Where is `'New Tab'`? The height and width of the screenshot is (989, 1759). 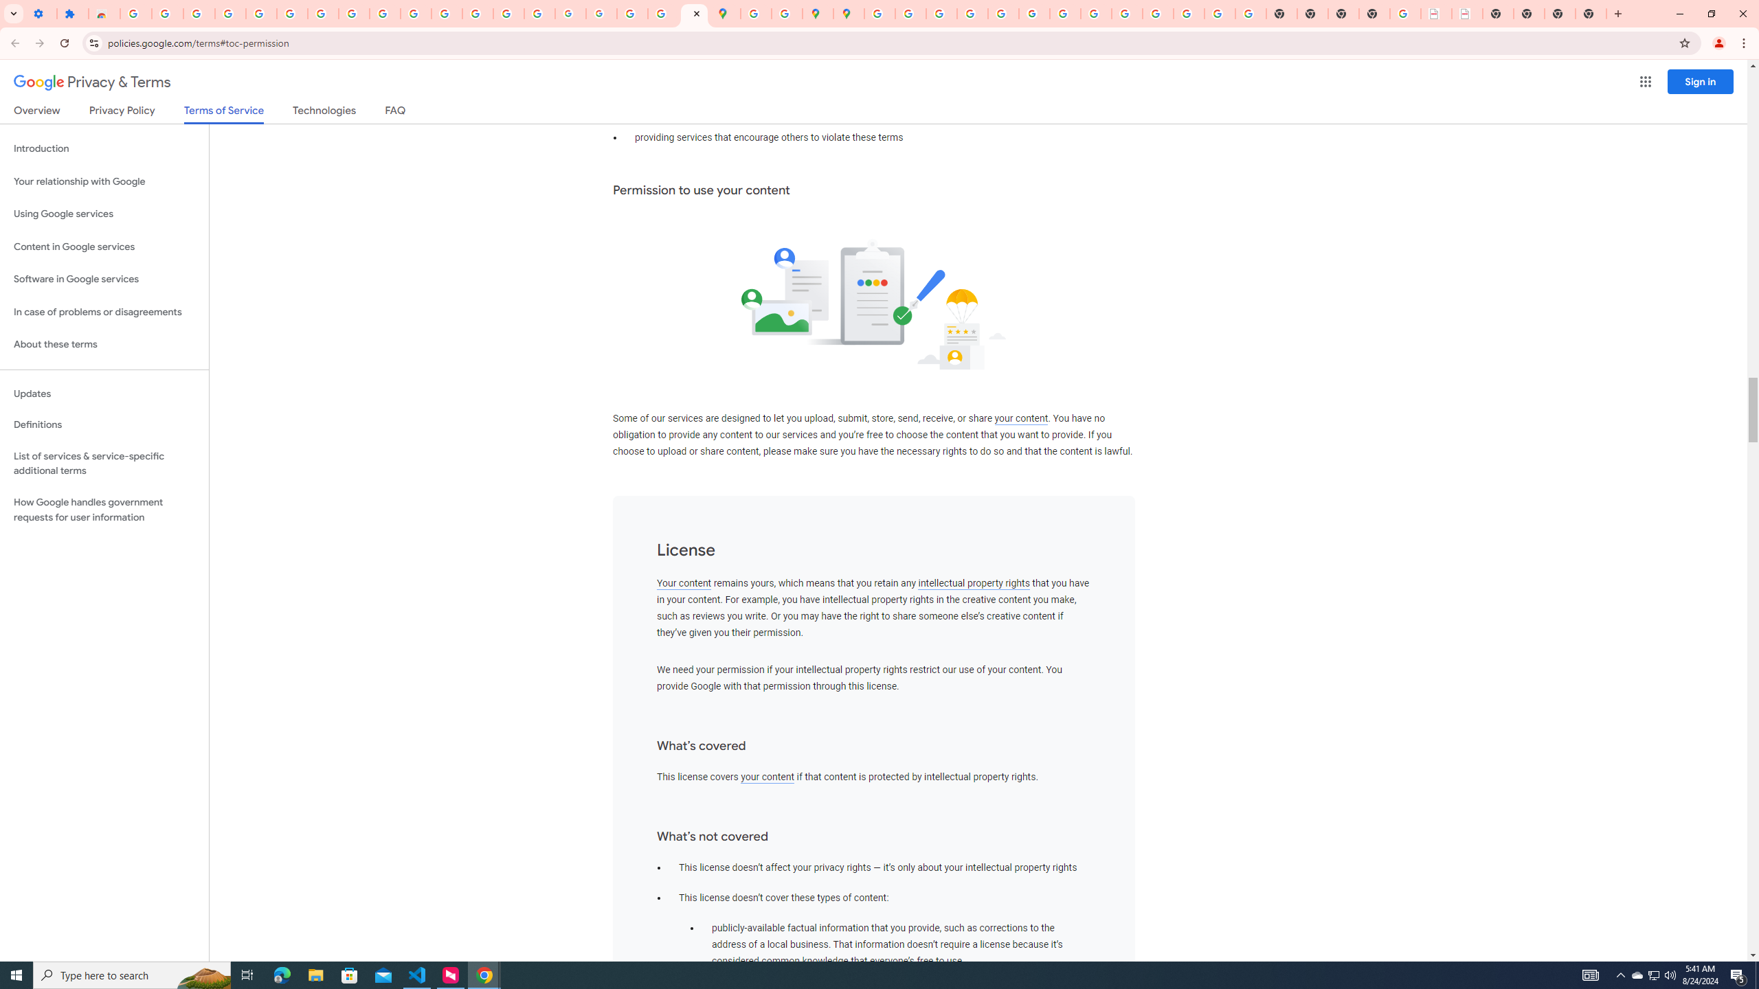
'New Tab' is located at coordinates (1591, 13).